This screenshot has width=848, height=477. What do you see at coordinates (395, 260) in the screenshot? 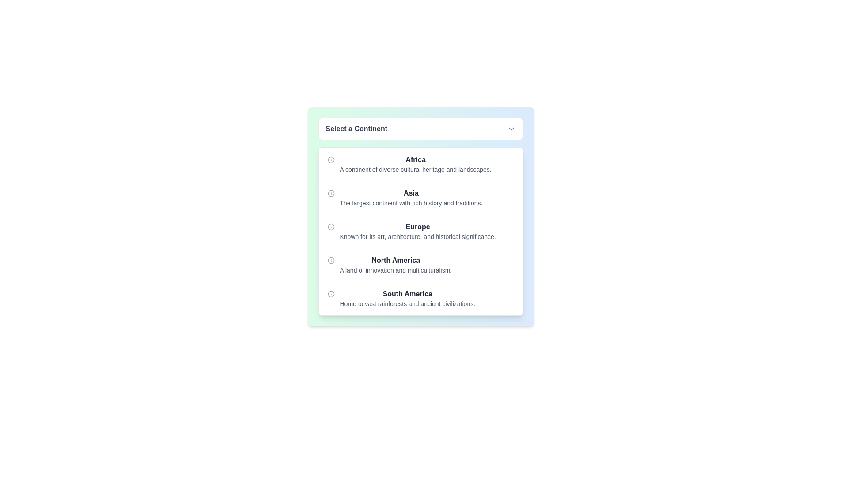
I see `the text label for 'North America', which is the fourth item in the list of continents, positioned between 'Europe' above and a description below` at bounding box center [395, 260].